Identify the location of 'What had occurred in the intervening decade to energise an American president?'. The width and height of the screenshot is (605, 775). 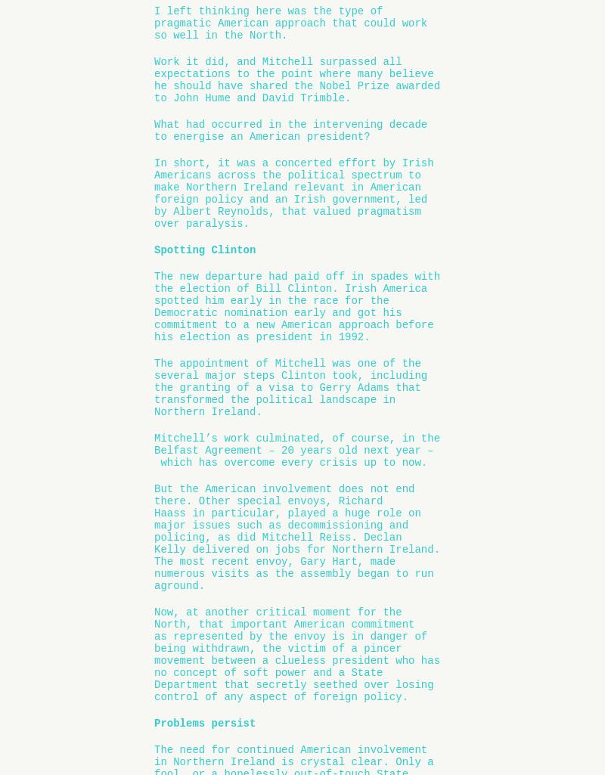
(290, 129).